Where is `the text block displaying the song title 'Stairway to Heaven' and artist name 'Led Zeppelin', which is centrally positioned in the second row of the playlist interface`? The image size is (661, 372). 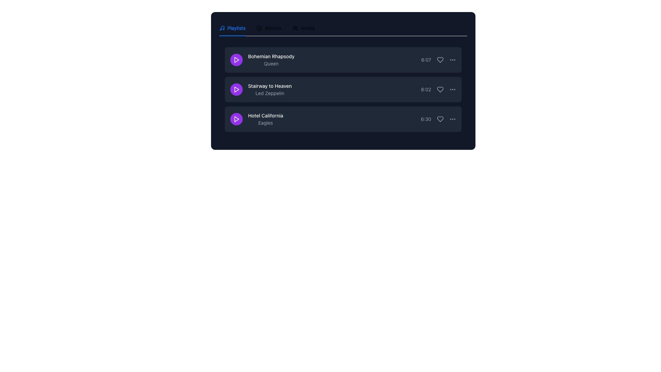 the text block displaying the song title 'Stairway to Heaven' and artist name 'Led Zeppelin', which is centrally positioned in the second row of the playlist interface is located at coordinates (269, 89).